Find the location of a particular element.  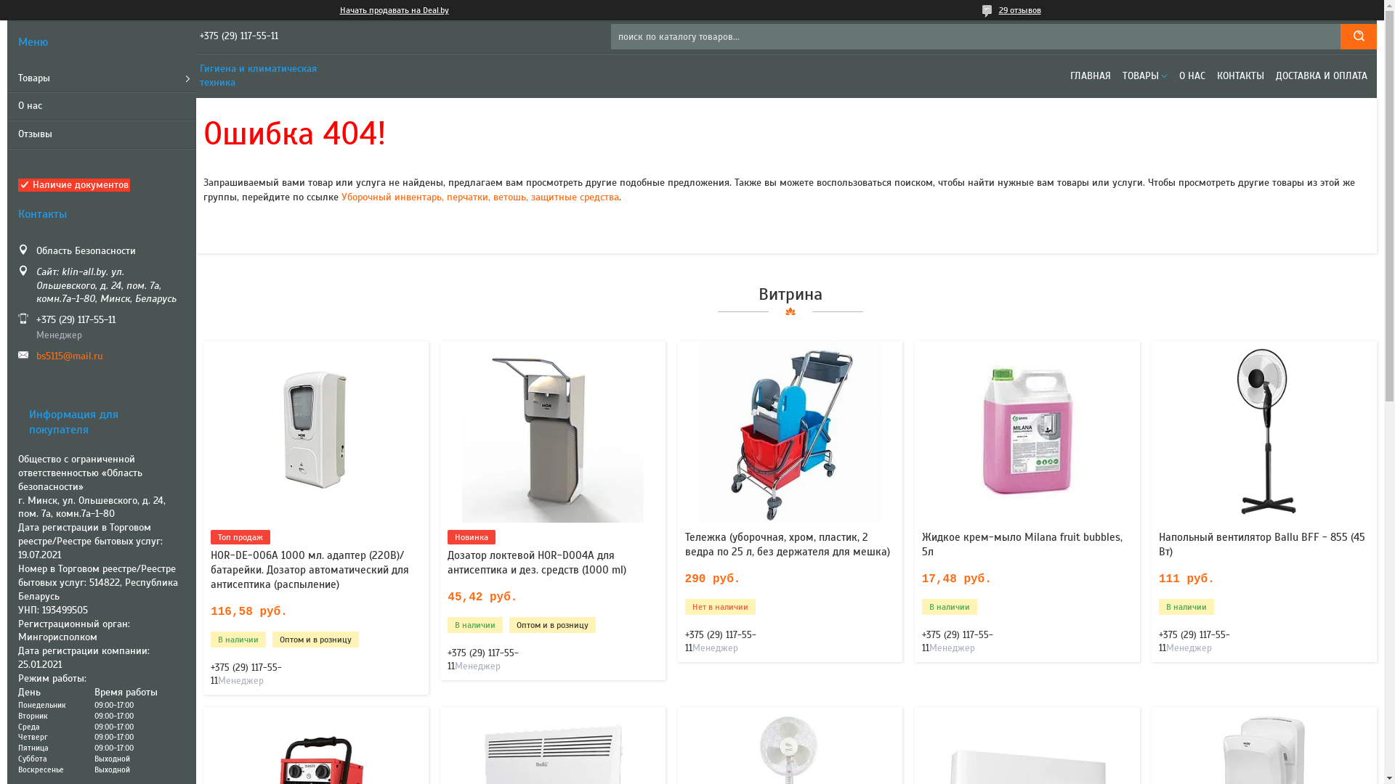

'bs5115@mail.ru' is located at coordinates (36, 356).